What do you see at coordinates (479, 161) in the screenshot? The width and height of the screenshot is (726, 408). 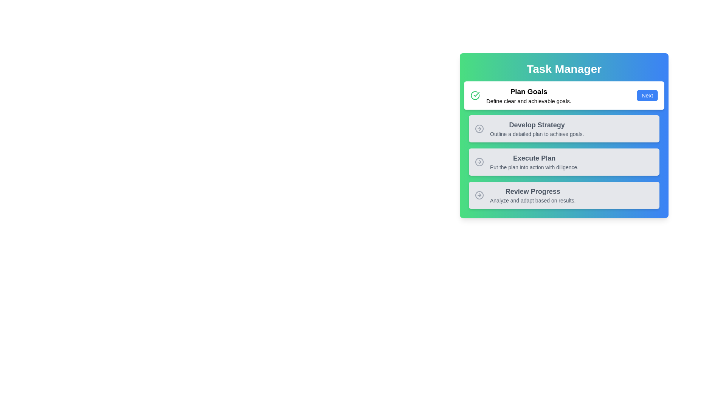 I see `the circular icon with a right-pointing gray arrow located to the left of the 'Execute Plan' text in the 'Execute Plan' section of the Task Manager interface for navigational action` at bounding box center [479, 161].